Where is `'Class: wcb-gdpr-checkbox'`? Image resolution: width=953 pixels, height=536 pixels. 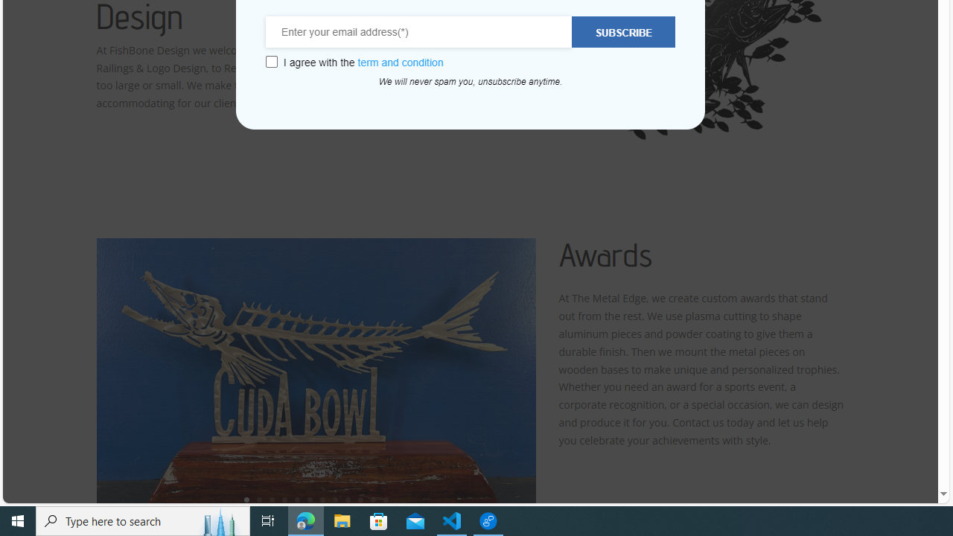
'Class: wcb-gdpr-checkbox' is located at coordinates (271, 61).